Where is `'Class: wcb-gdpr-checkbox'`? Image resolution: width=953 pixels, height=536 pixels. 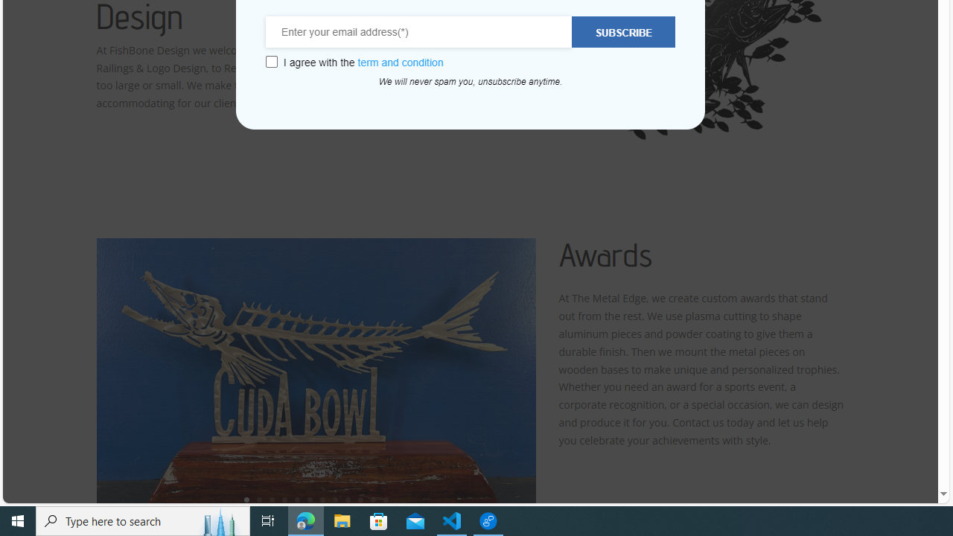
'Class: wcb-gdpr-checkbox' is located at coordinates (271, 61).